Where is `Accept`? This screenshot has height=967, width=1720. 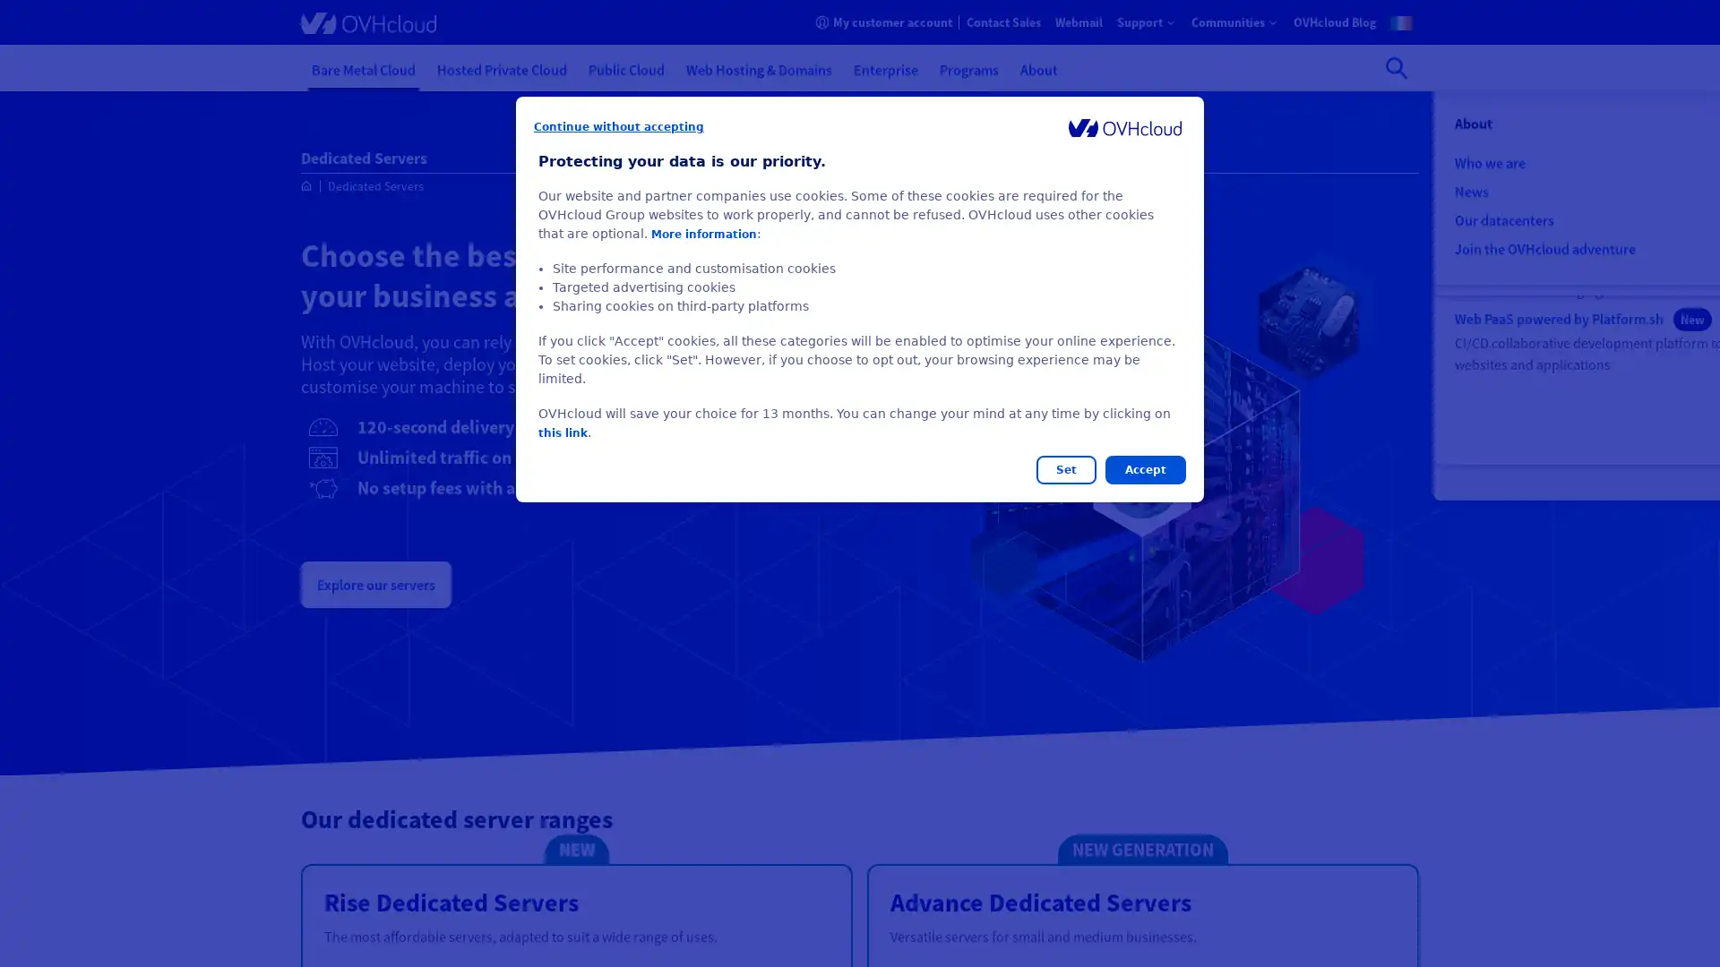
Accept is located at coordinates (1144, 468).